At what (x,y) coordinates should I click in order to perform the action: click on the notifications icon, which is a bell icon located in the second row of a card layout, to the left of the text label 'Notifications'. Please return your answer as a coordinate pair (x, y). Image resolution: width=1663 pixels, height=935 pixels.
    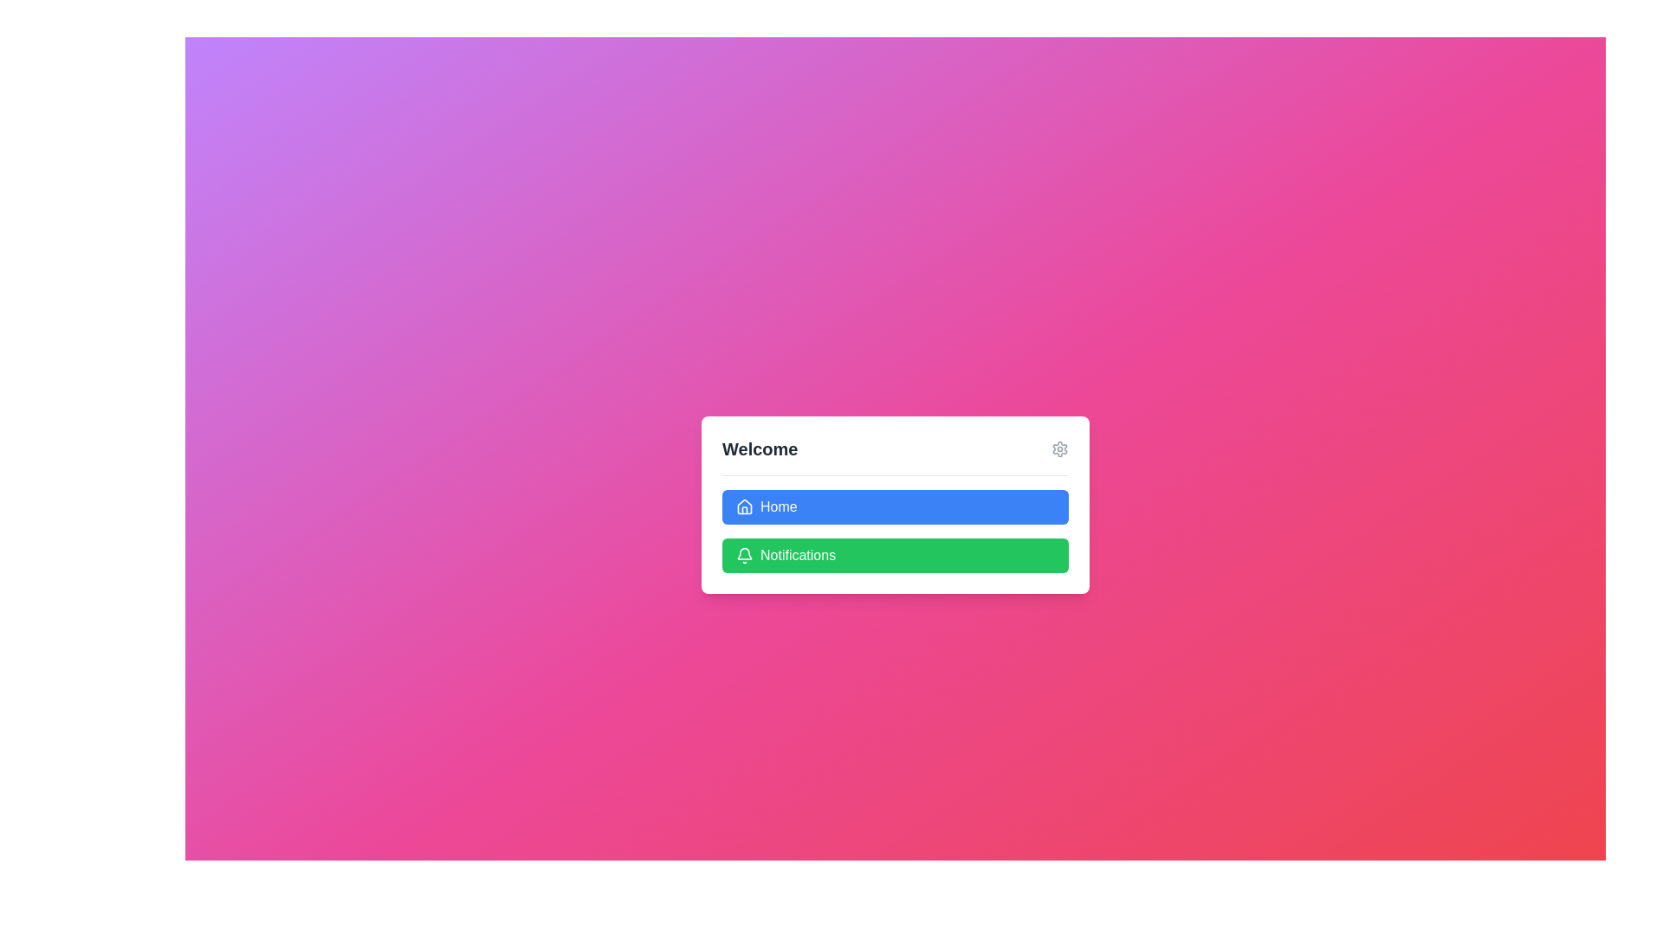
    Looking at the image, I should click on (744, 553).